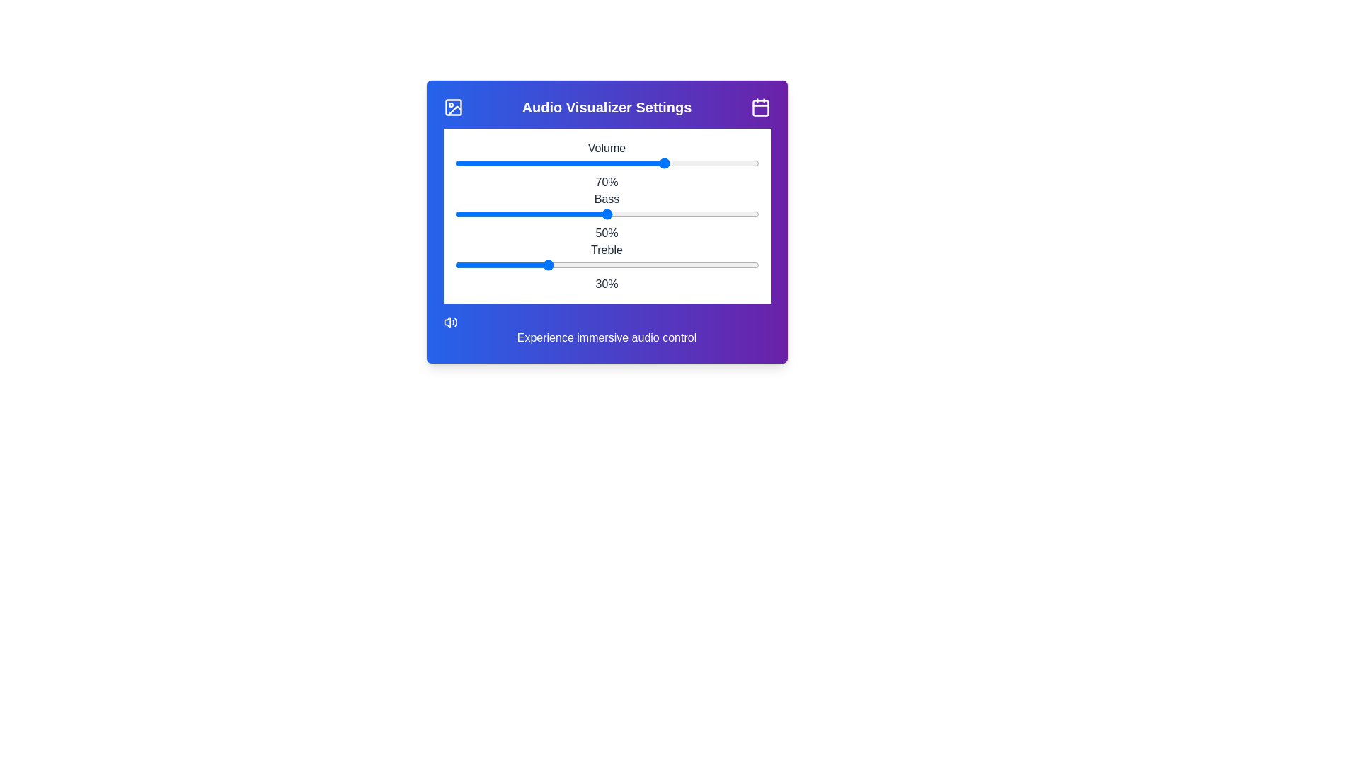 The image size is (1359, 764). What do you see at coordinates (713, 163) in the screenshot?
I see `the volume slider to set the volume to 85%` at bounding box center [713, 163].